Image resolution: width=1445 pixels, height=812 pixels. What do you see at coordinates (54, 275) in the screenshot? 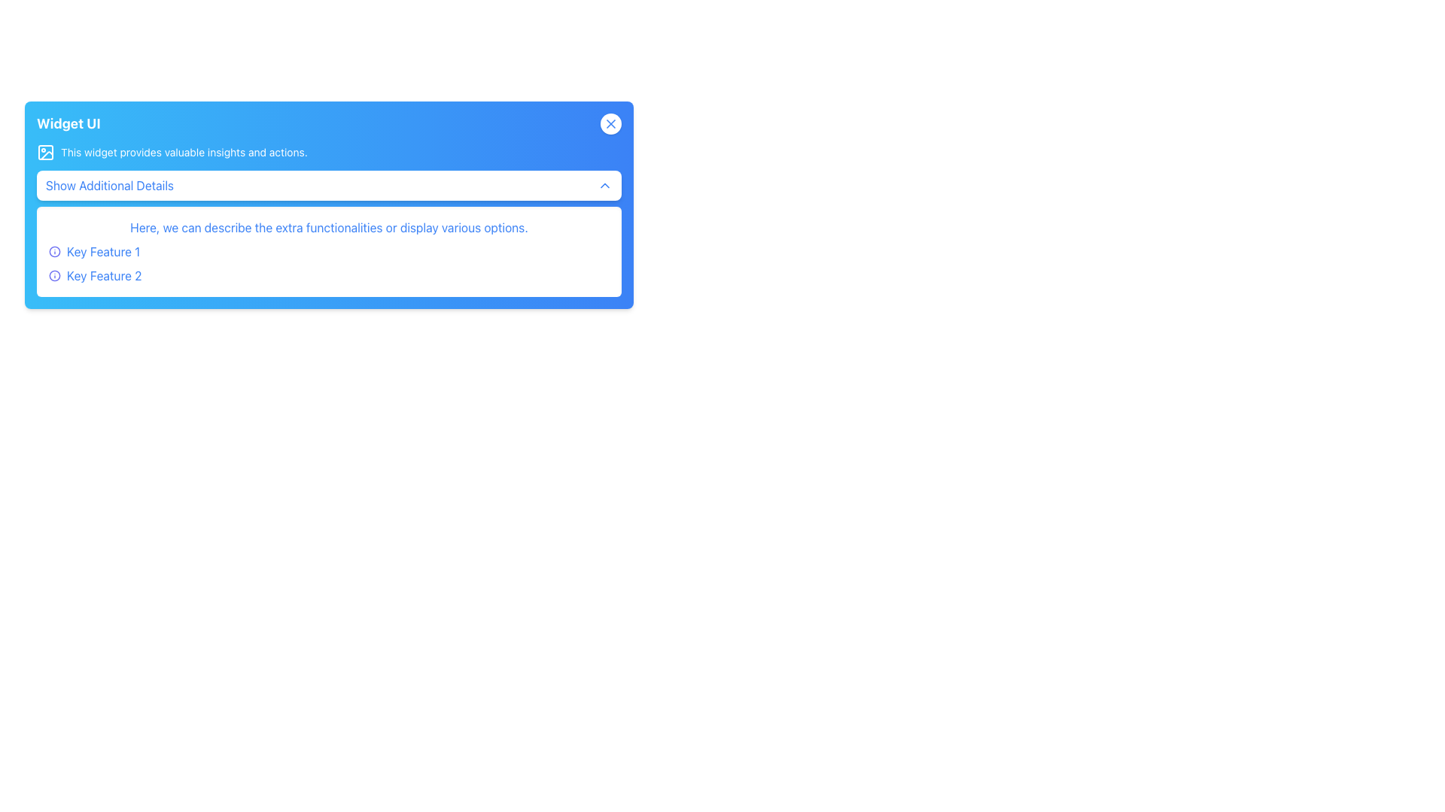
I see `the function of the icon that represents 'Key Feature 2', which is located at the start of the line aligned with the text` at bounding box center [54, 275].